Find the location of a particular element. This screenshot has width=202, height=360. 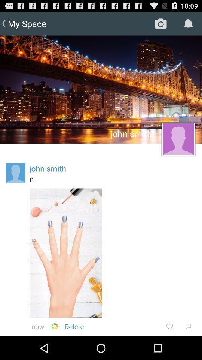

the item below n is located at coordinates (65, 253).